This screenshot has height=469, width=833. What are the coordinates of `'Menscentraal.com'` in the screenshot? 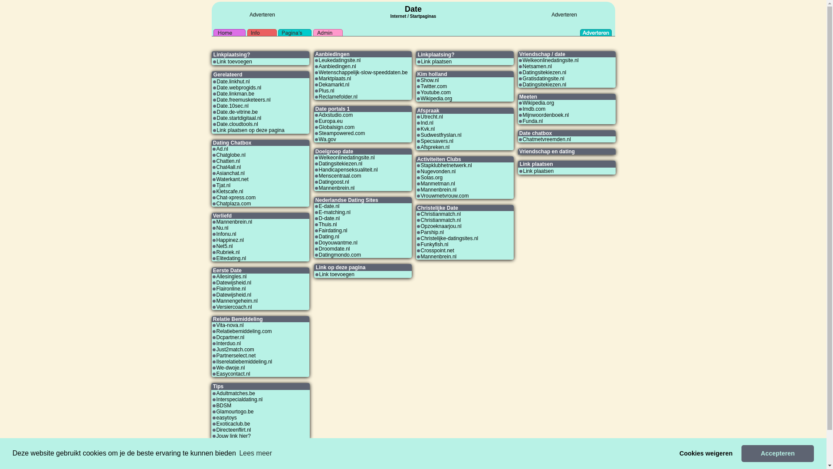 It's located at (339, 176).